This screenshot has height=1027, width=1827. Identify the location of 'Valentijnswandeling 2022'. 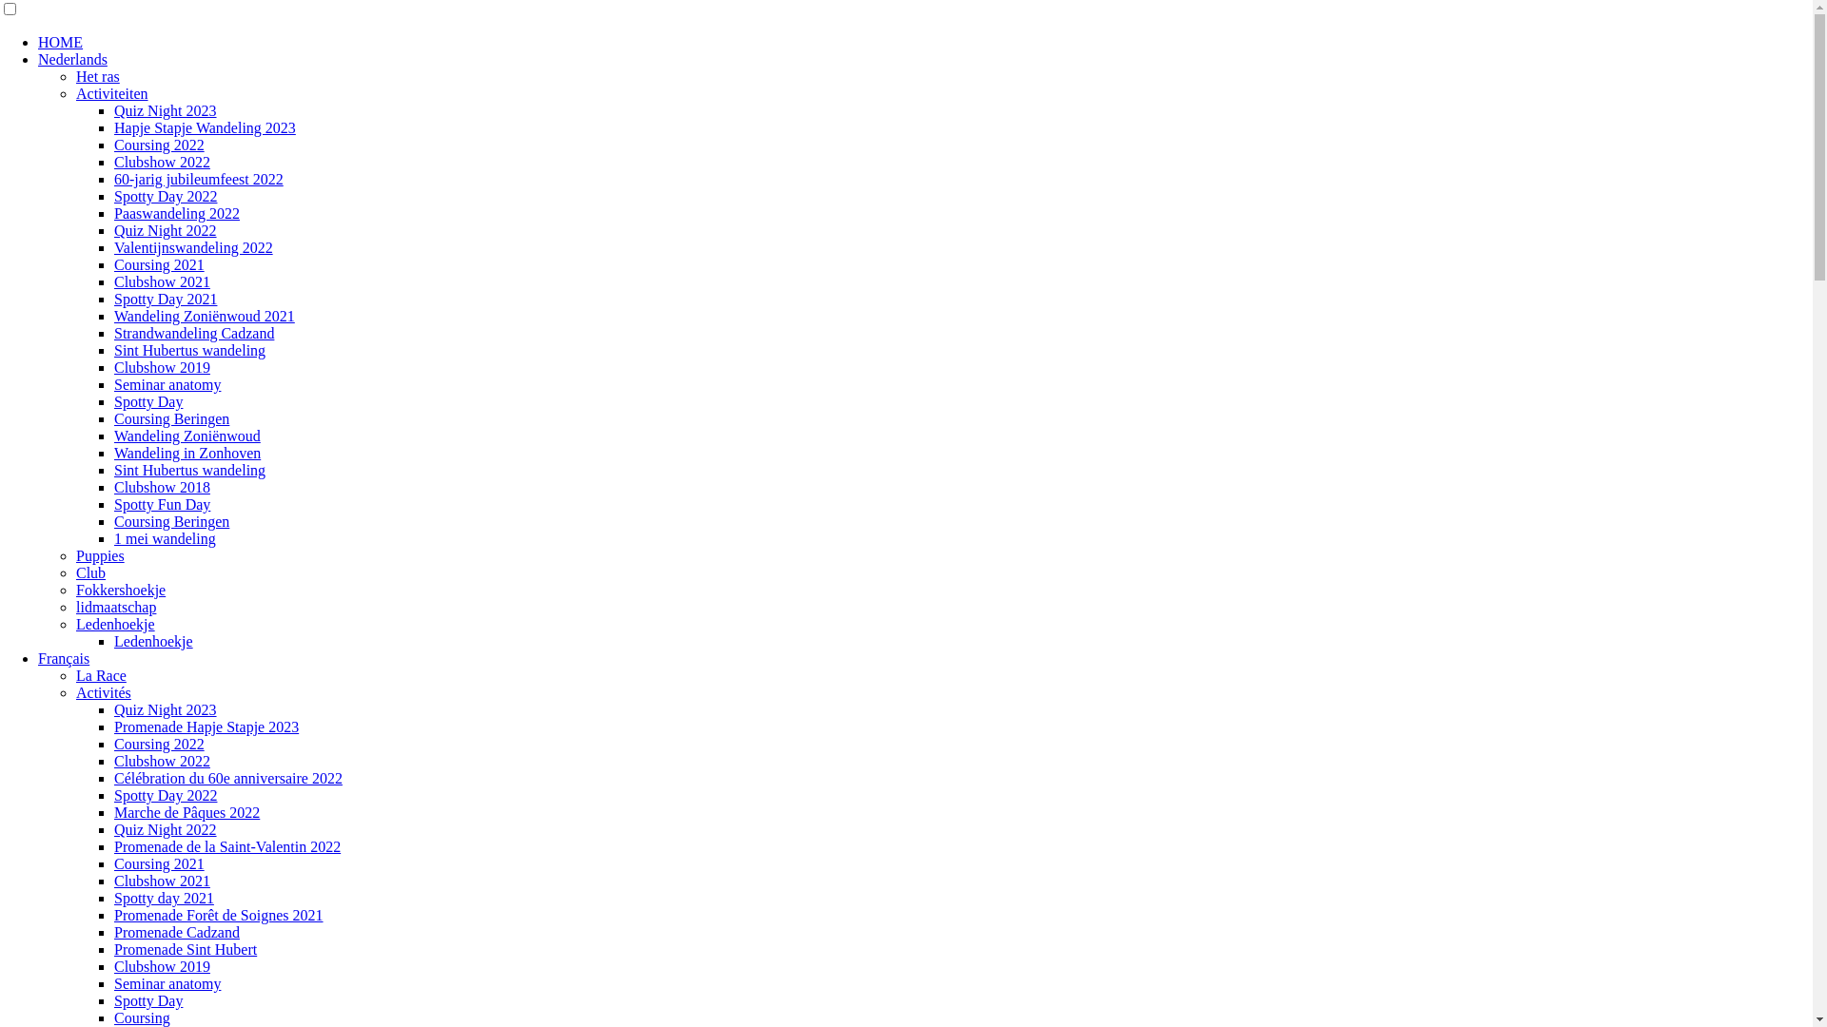
(193, 246).